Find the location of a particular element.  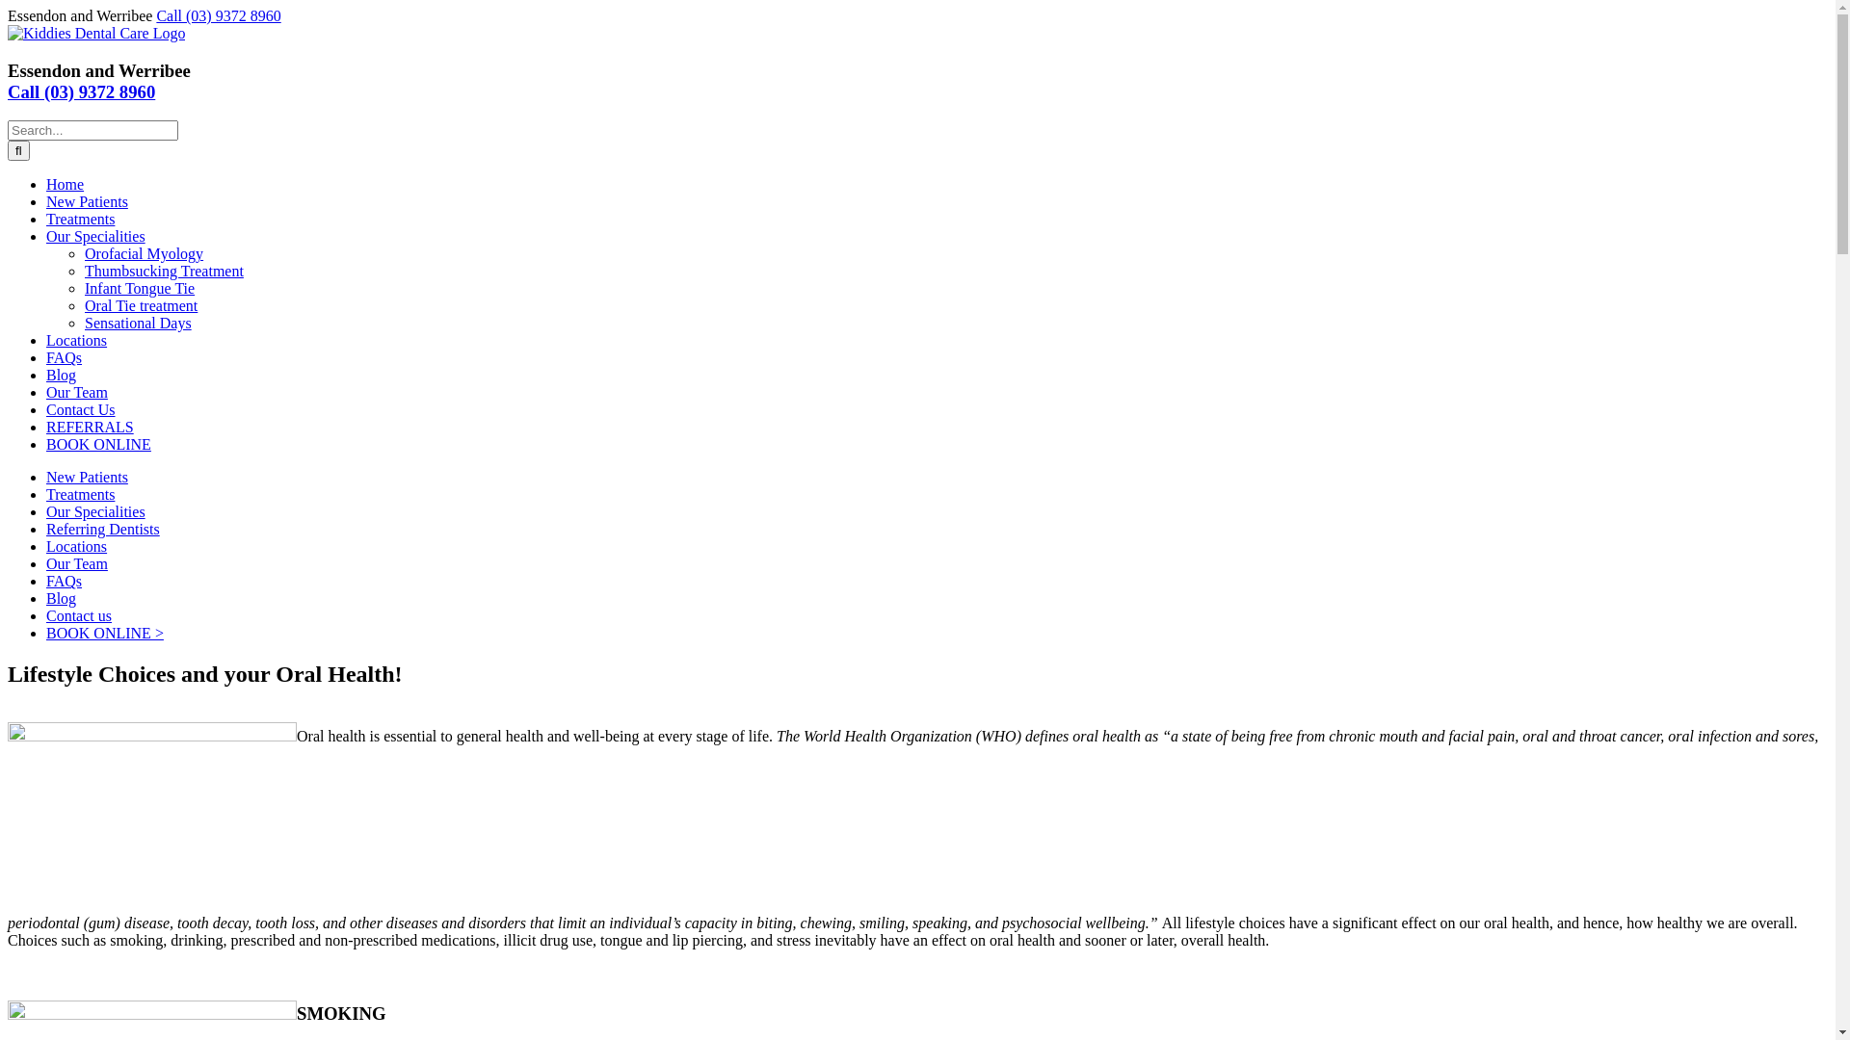

'Our Team' is located at coordinates (77, 391).